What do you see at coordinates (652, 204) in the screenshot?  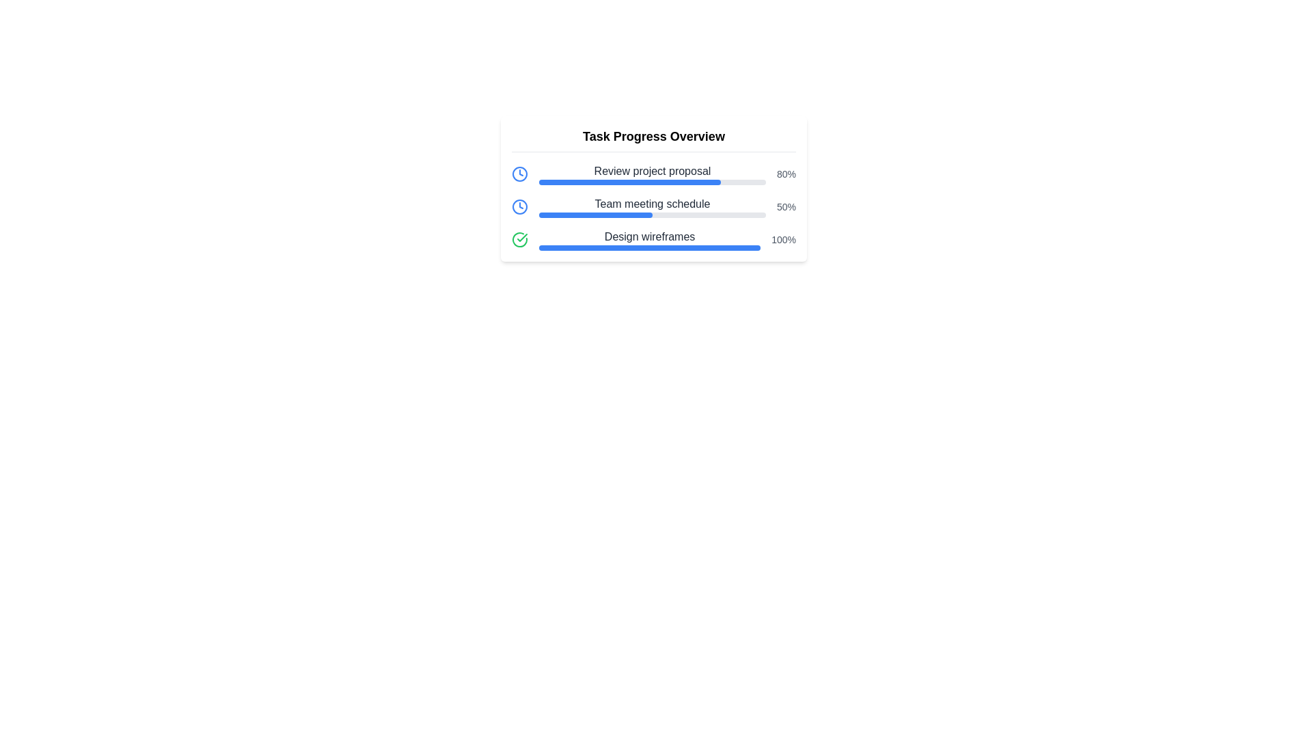 I see `text label identifying the task 'Team meeting schedule', which is the second item in the task list, positioned below 'Review project proposal' and above 'Design wireframes'` at bounding box center [652, 204].